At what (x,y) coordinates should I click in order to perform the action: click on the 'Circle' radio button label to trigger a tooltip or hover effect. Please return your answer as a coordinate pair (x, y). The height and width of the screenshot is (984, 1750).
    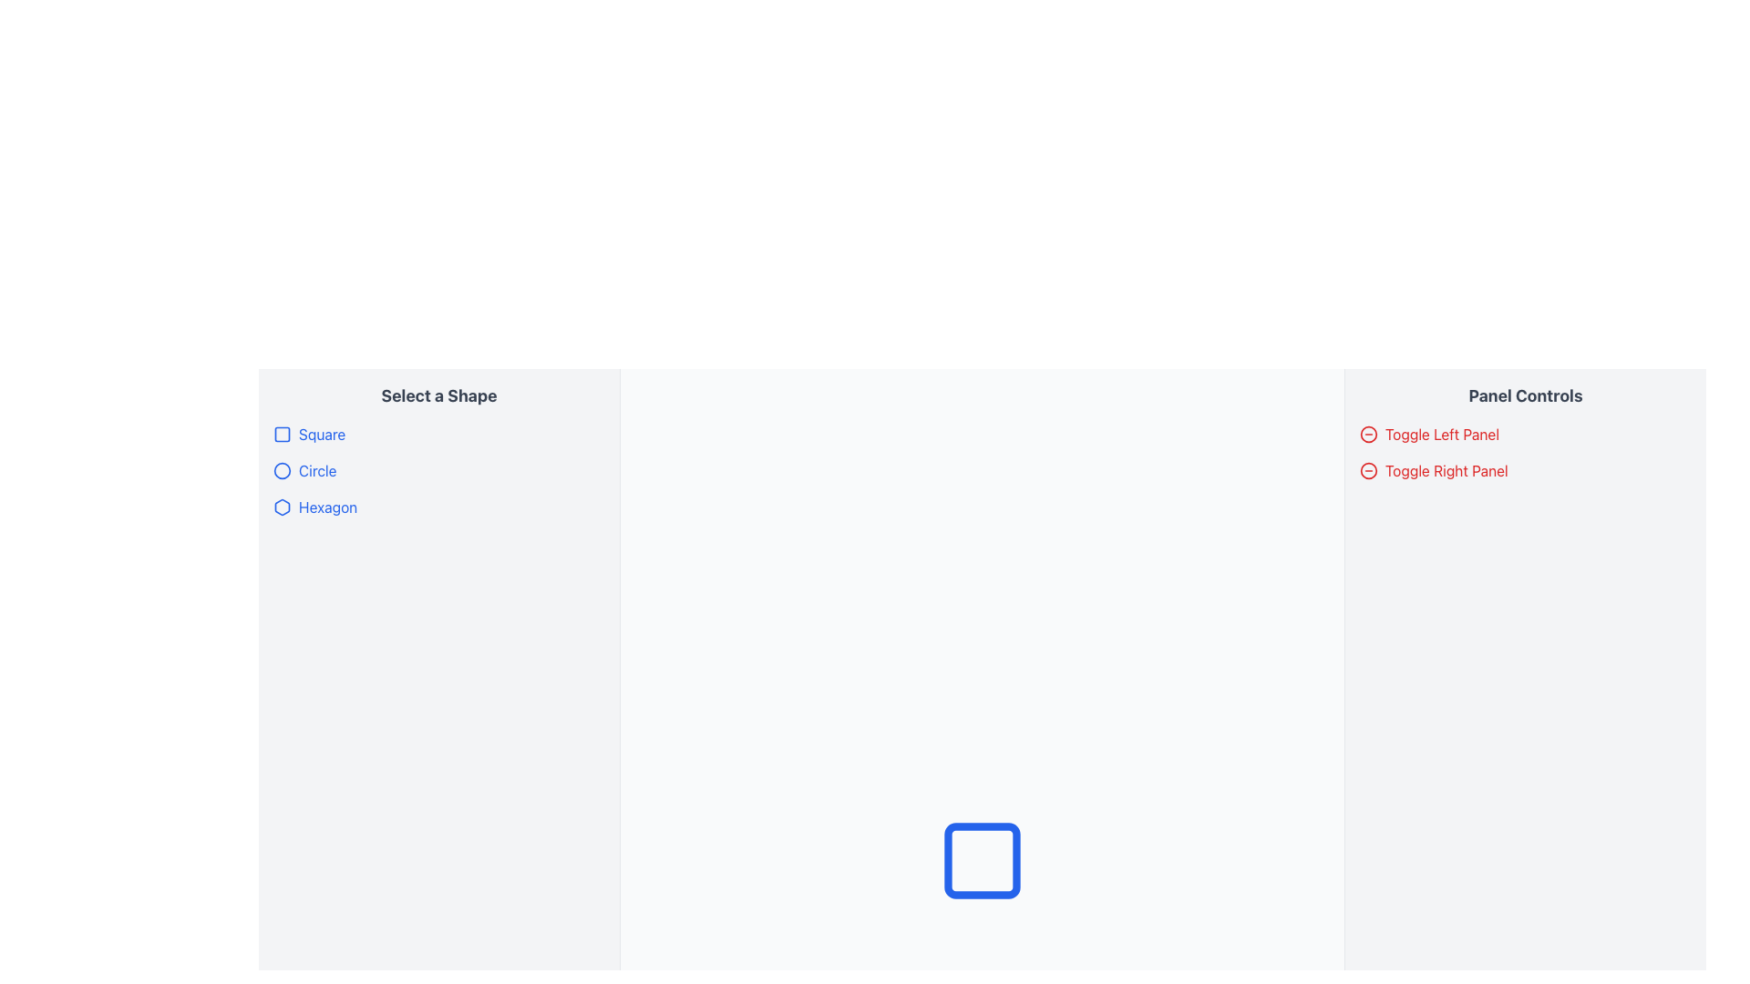
    Looking at the image, I should click on (304, 469).